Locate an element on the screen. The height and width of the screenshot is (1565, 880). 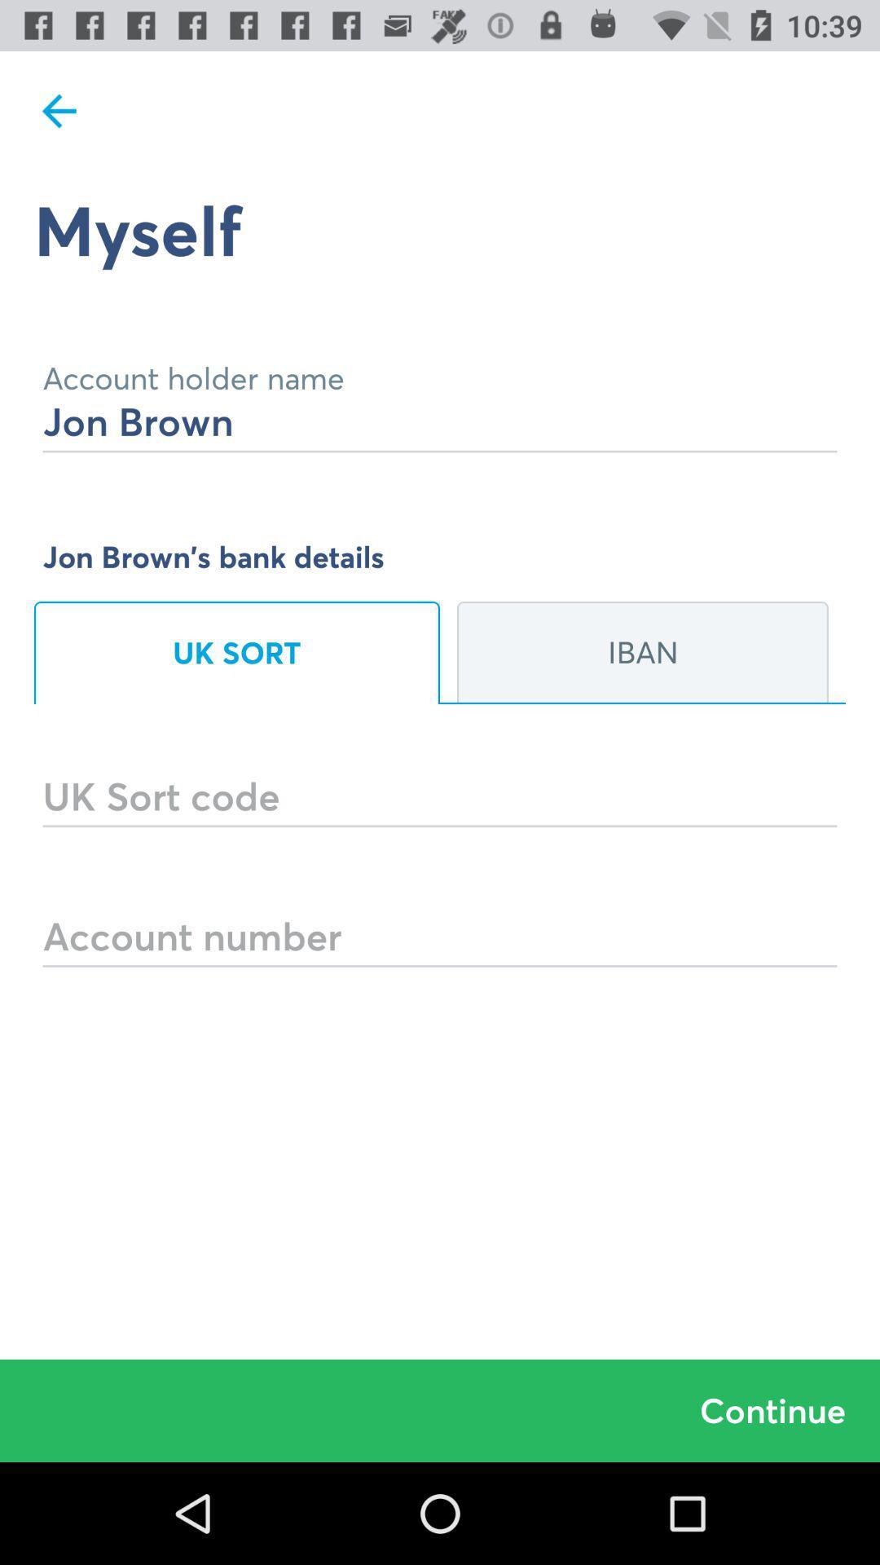
the icon below jon brown s icon is located at coordinates (642, 653).